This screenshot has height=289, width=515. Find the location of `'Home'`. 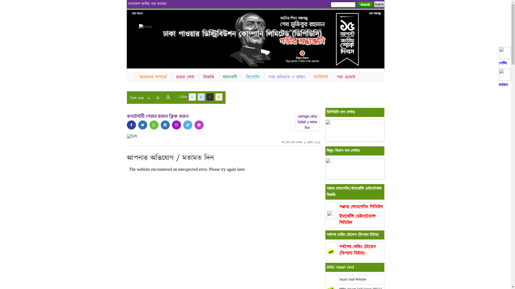

'Home' is located at coordinates (148, 27).